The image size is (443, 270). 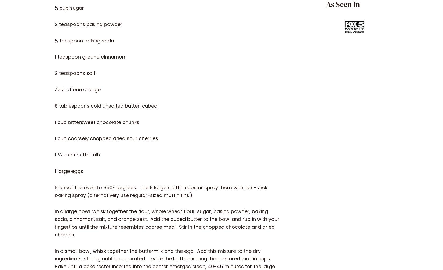 I want to click on 'Zest of one orange', so click(x=78, y=89).